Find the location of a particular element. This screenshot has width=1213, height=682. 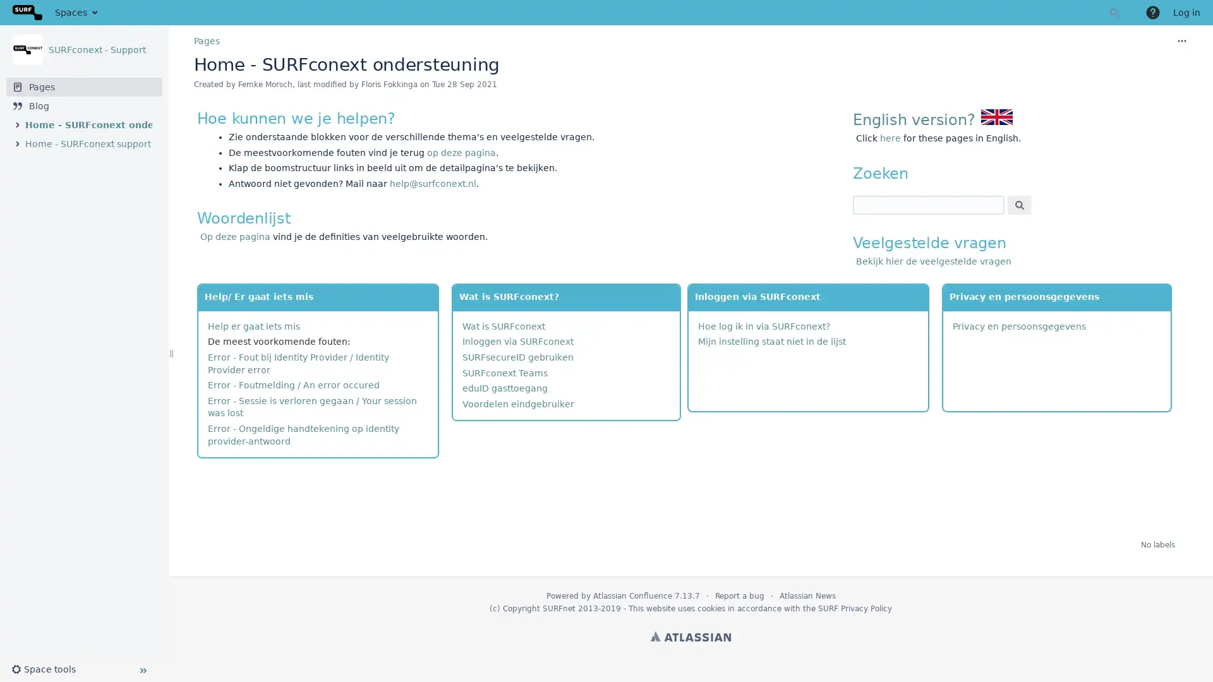

Search is located at coordinates (1019, 204).